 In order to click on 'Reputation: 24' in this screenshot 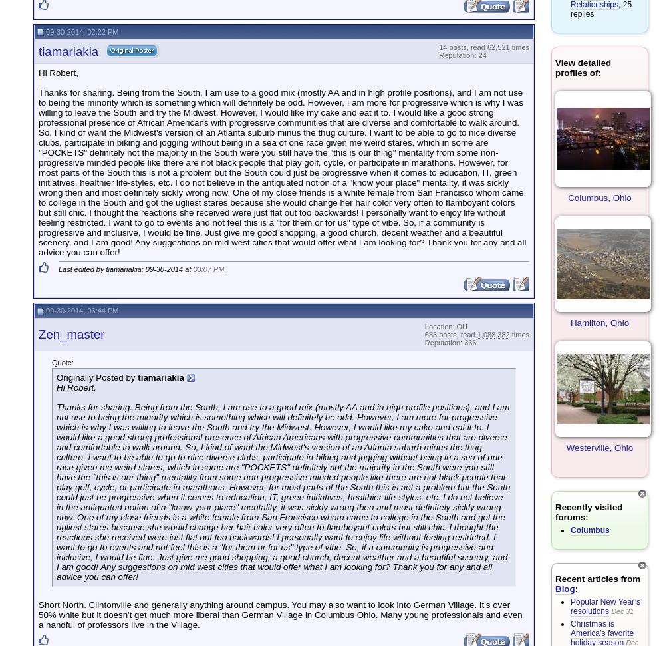, I will do `click(439, 55)`.